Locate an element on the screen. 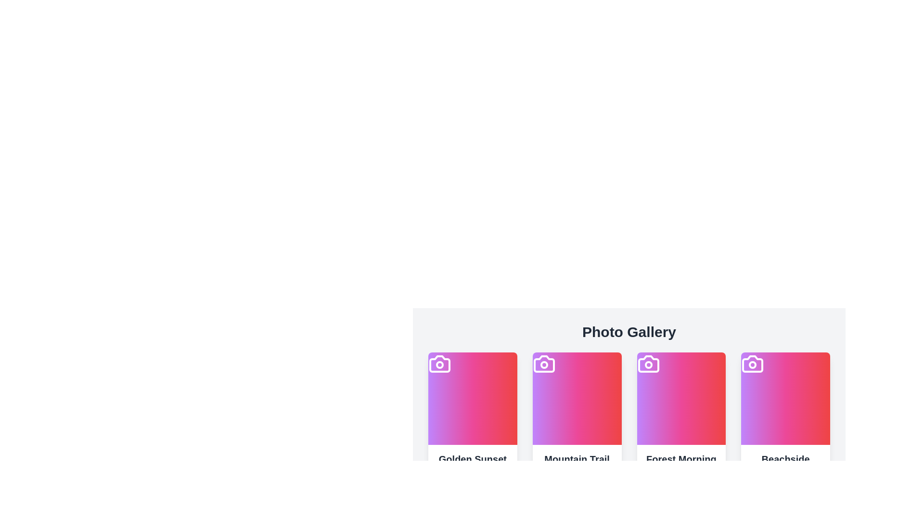  the camera icon outlined in white, located at the top-center of the second tile in the 'Photo Gallery' is located at coordinates (544, 364).